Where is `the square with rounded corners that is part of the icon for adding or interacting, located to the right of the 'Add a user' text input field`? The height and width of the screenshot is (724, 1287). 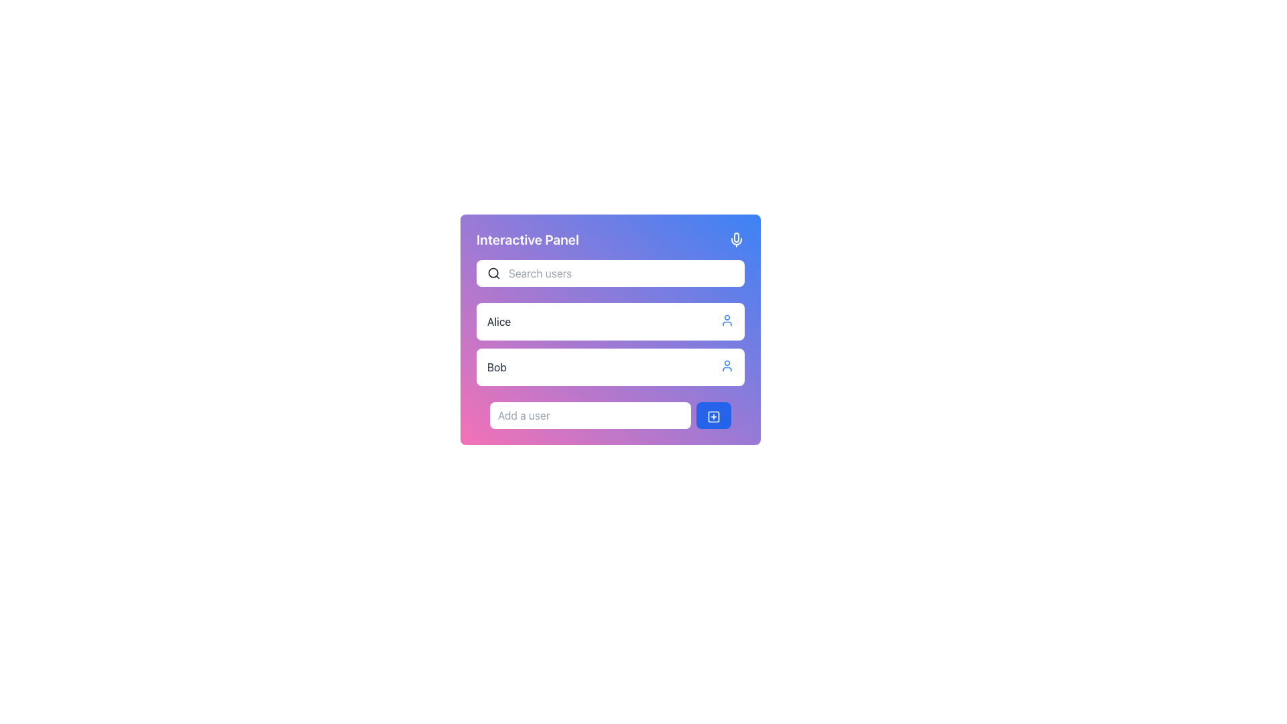
the square with rounded corners that is part of the icon for adding or interacting, located to the right of the 'Add a user' text input field is located at coordinates (713, 416).